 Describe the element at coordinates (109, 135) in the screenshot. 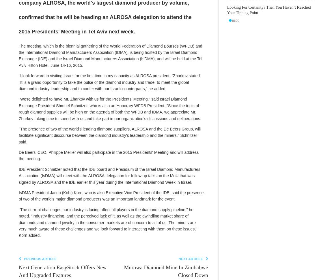

I see `'"The presence of two of the world's leading diamond suppliers, ALROSA and the De Beers Group, will facilitate significant discourse between the diamond industry's leadership and the miners," Schnitzer said.'` at that location.